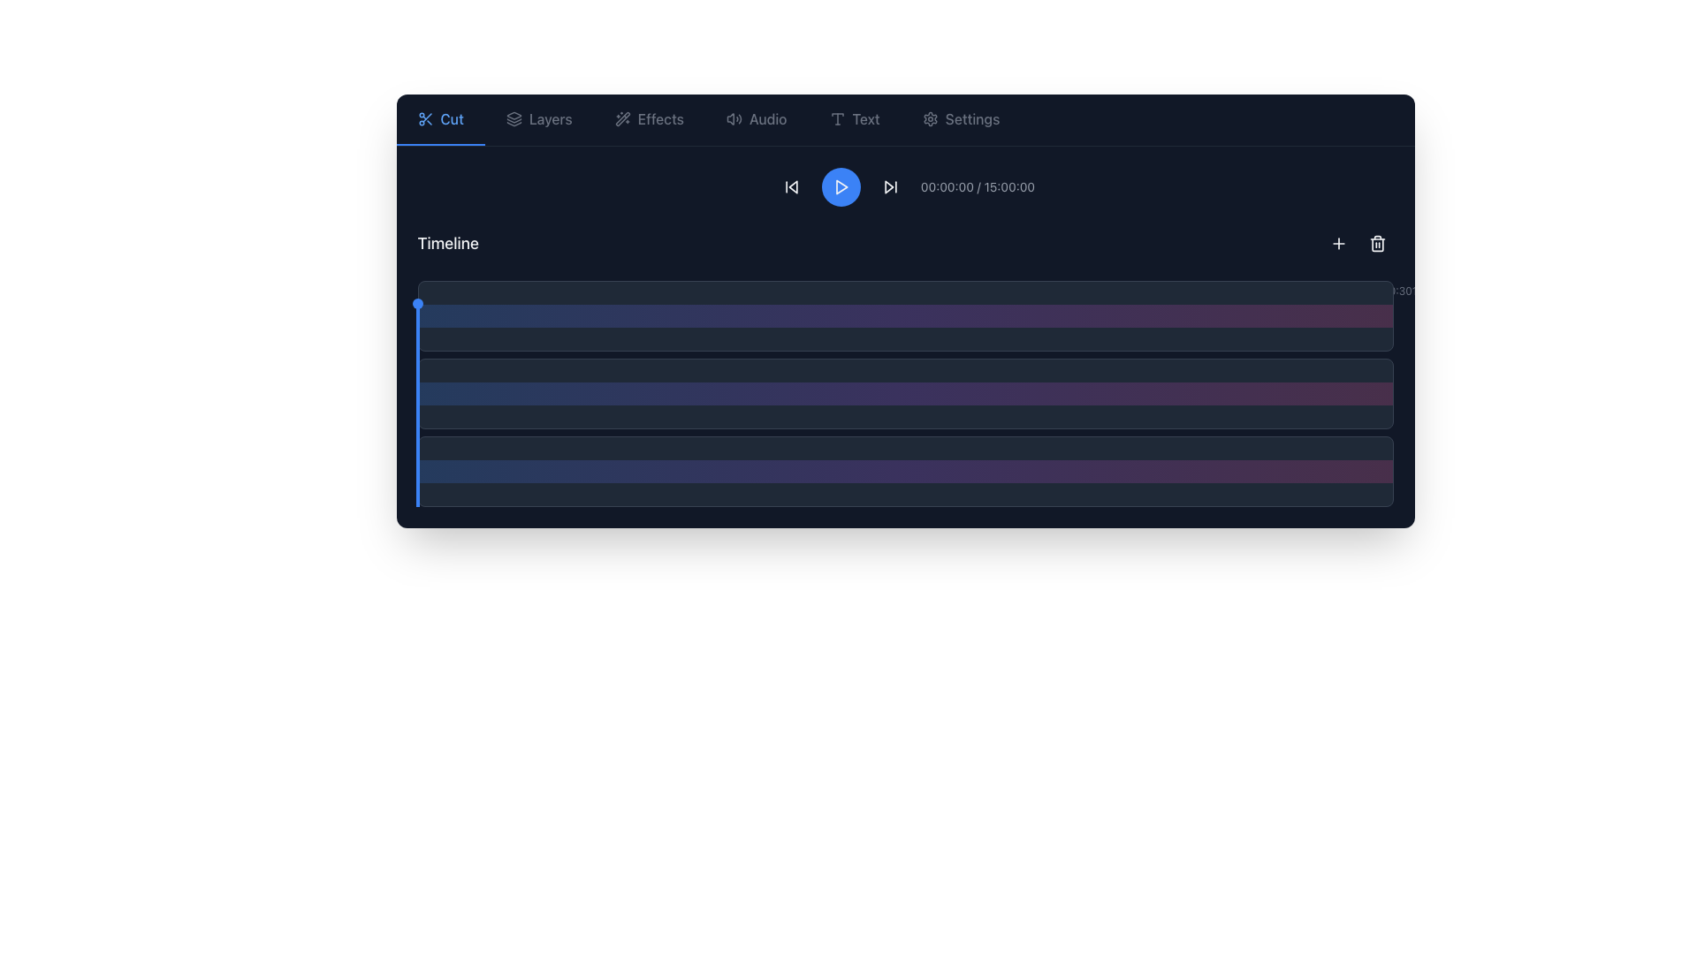 The height and width of the screenshot is (954, 1697). What do you see at coordinates (513, 123) in the screenshot?
I see `the third trapezoid shape in the 'Layers' icon on the top toolbar, which visually represents the layers functionality of the software` at bounding box center [513, 123].